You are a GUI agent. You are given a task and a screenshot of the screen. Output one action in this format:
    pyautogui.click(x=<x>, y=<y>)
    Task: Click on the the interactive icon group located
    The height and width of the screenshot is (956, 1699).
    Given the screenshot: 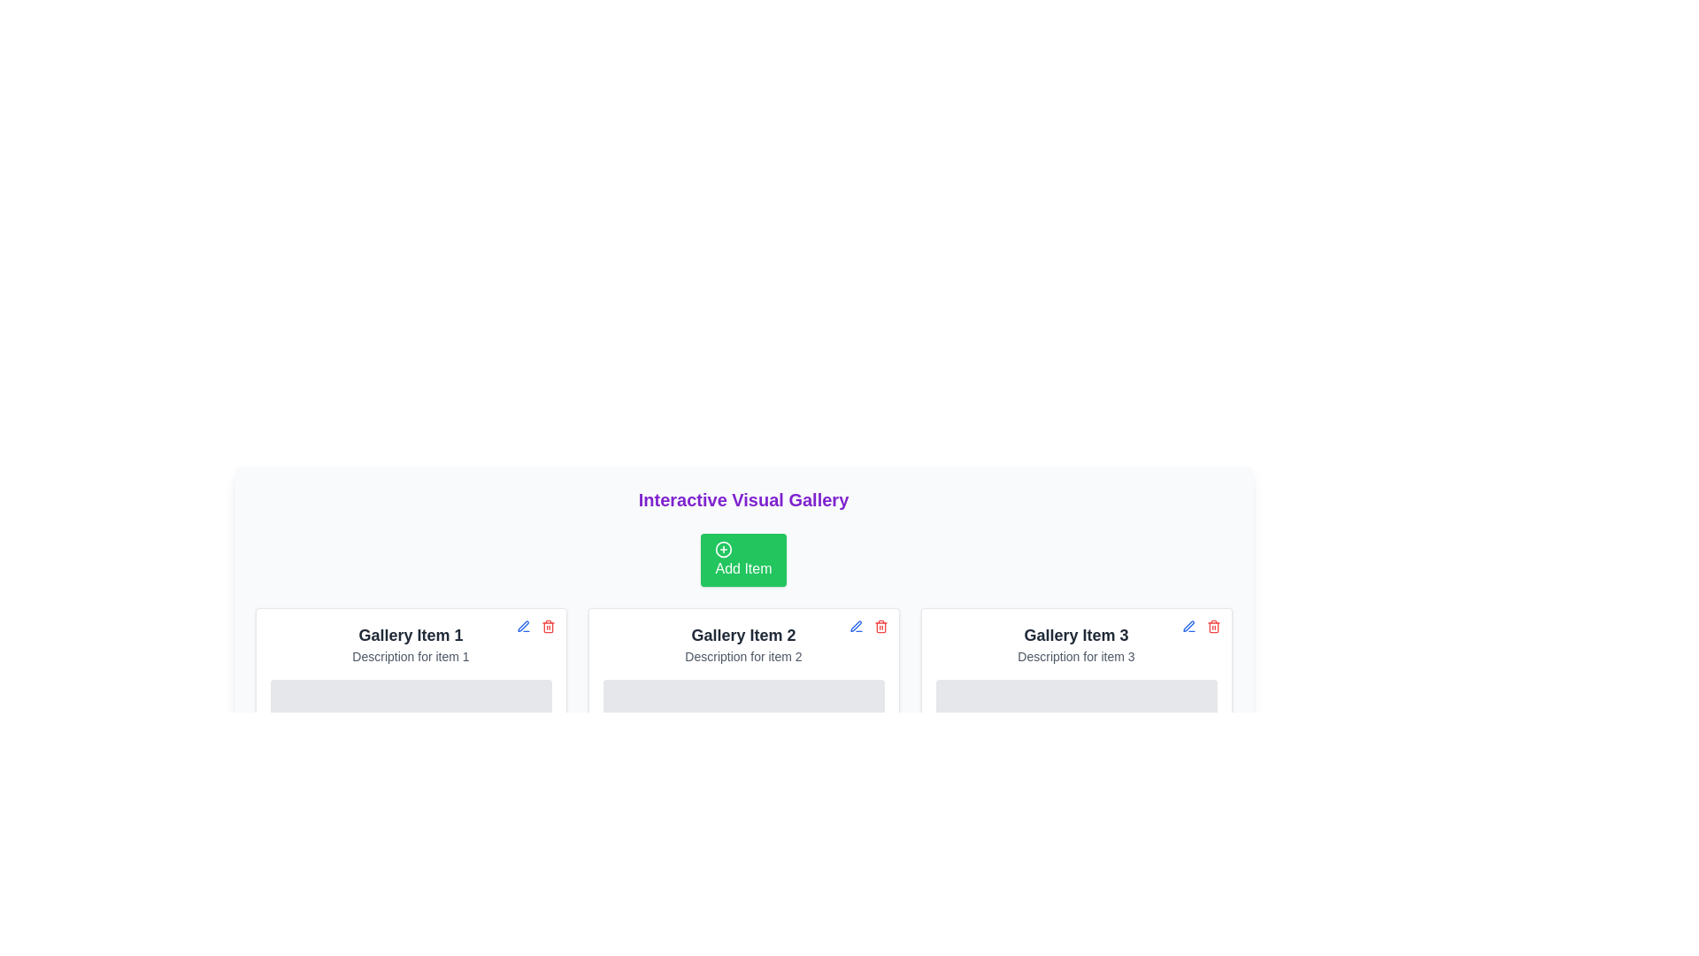 What is the action you would take?
    pyautogui.click(x=534, y=626)
    